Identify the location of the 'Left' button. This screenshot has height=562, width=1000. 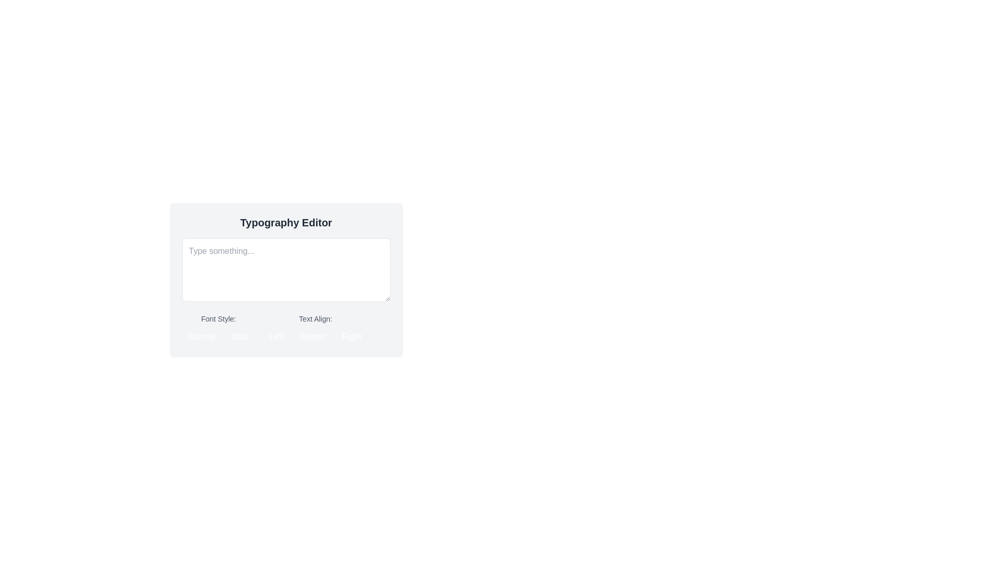
(277, 337).